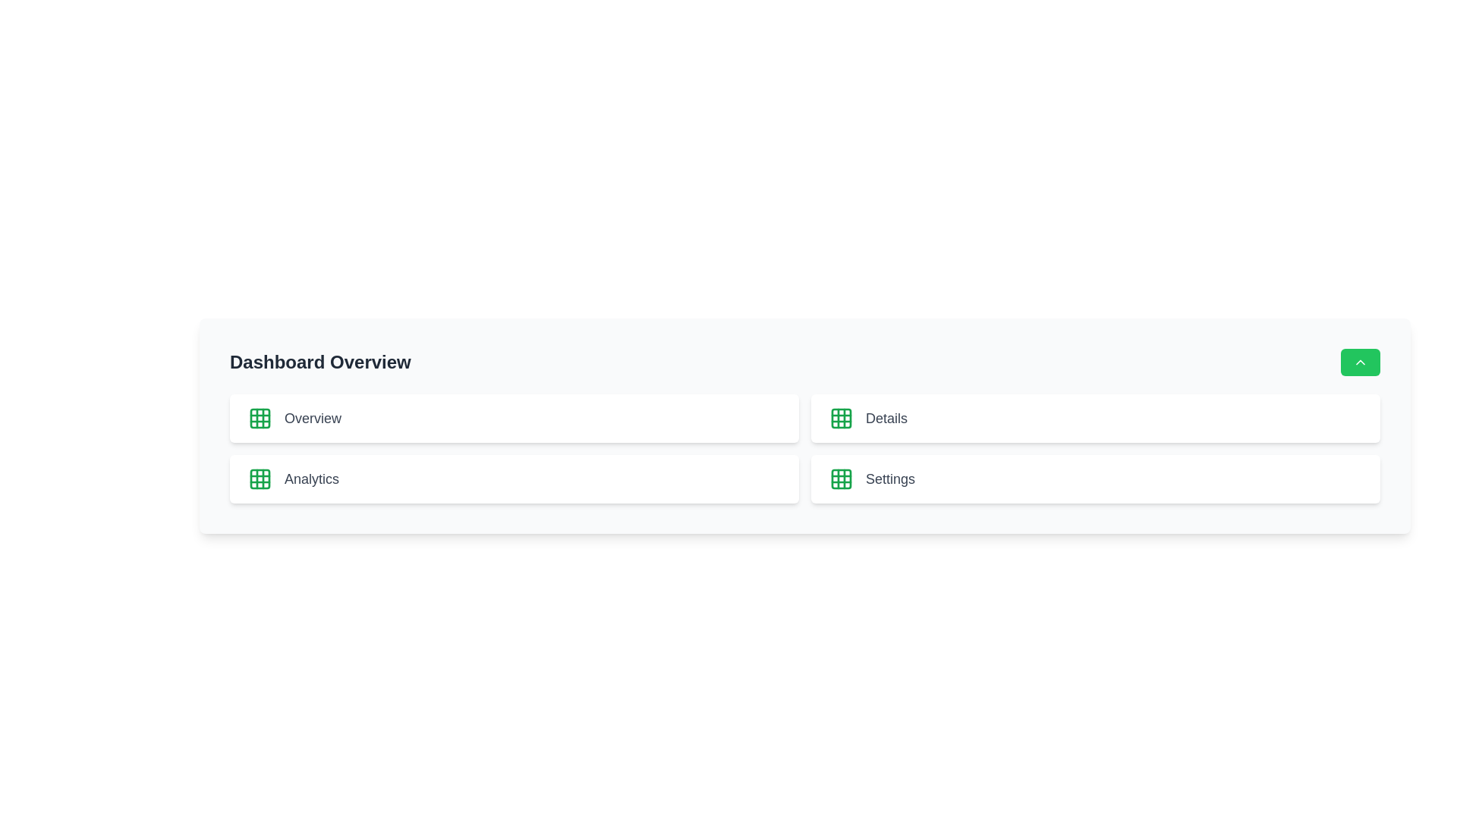  What do you see at coordinates (886, 418) in the screenshot?
I see `the static text label that serves as a descriptor for the card in the second row, right column of a two-by-two grid` at bounding box center [886, 418].